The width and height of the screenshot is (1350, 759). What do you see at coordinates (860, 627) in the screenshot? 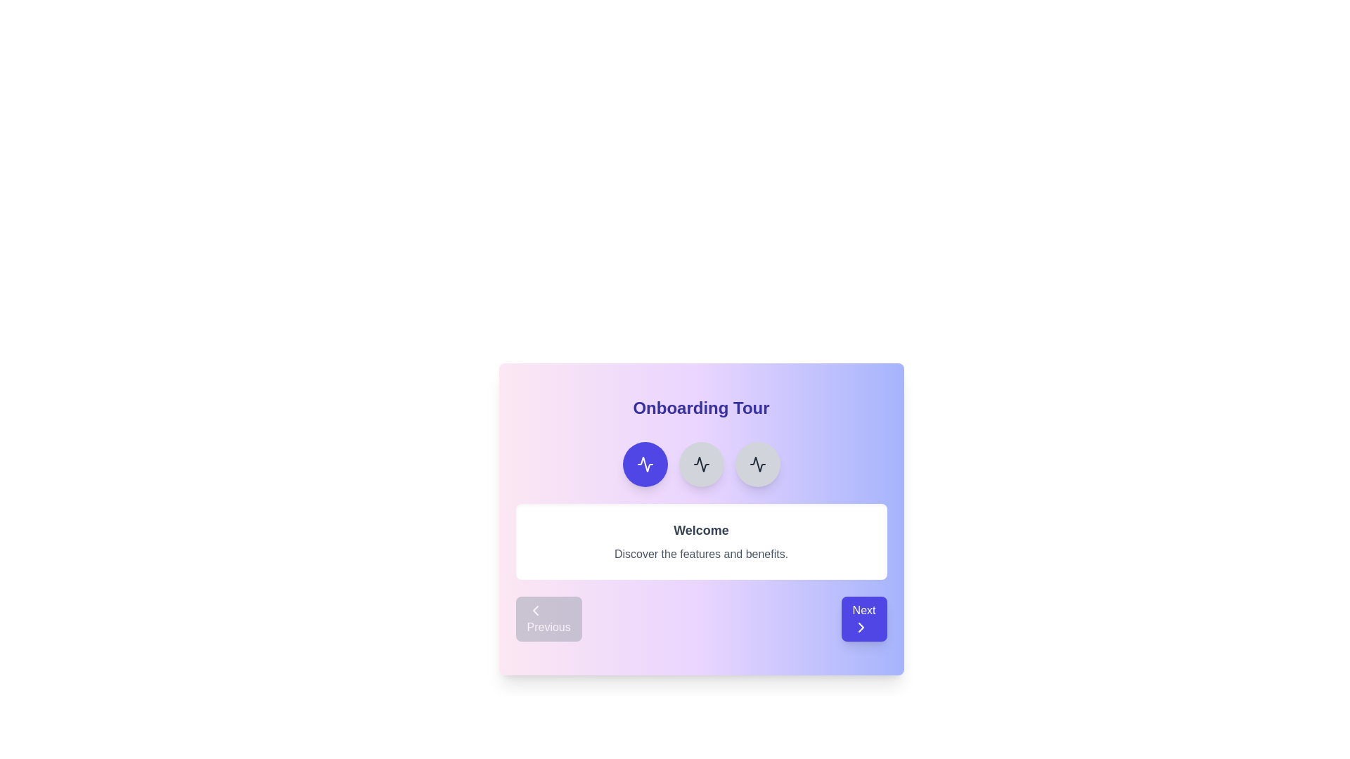
I see `the chevron arrow icon located at the center of the 'Next' button in the bottom right corner to proceed` at bounding box center [860, 627].